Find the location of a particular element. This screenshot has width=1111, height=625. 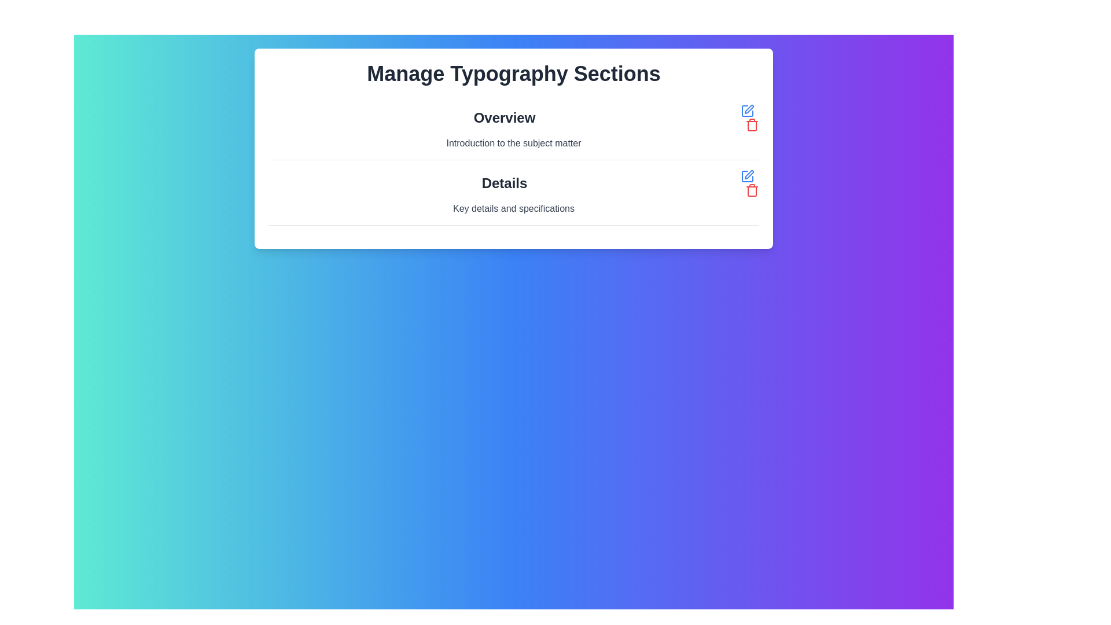

the red trash bin icon located to the right of the blue edit icon in the 'Overview' section for additional context or tooltip is located at coordinates (752, 189).